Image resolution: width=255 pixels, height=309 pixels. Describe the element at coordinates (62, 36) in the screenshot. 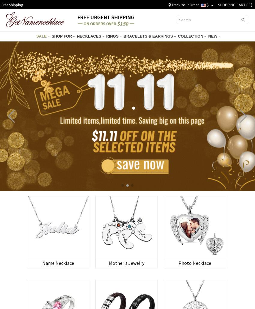

I see `'SHOP FOR'` at that location.